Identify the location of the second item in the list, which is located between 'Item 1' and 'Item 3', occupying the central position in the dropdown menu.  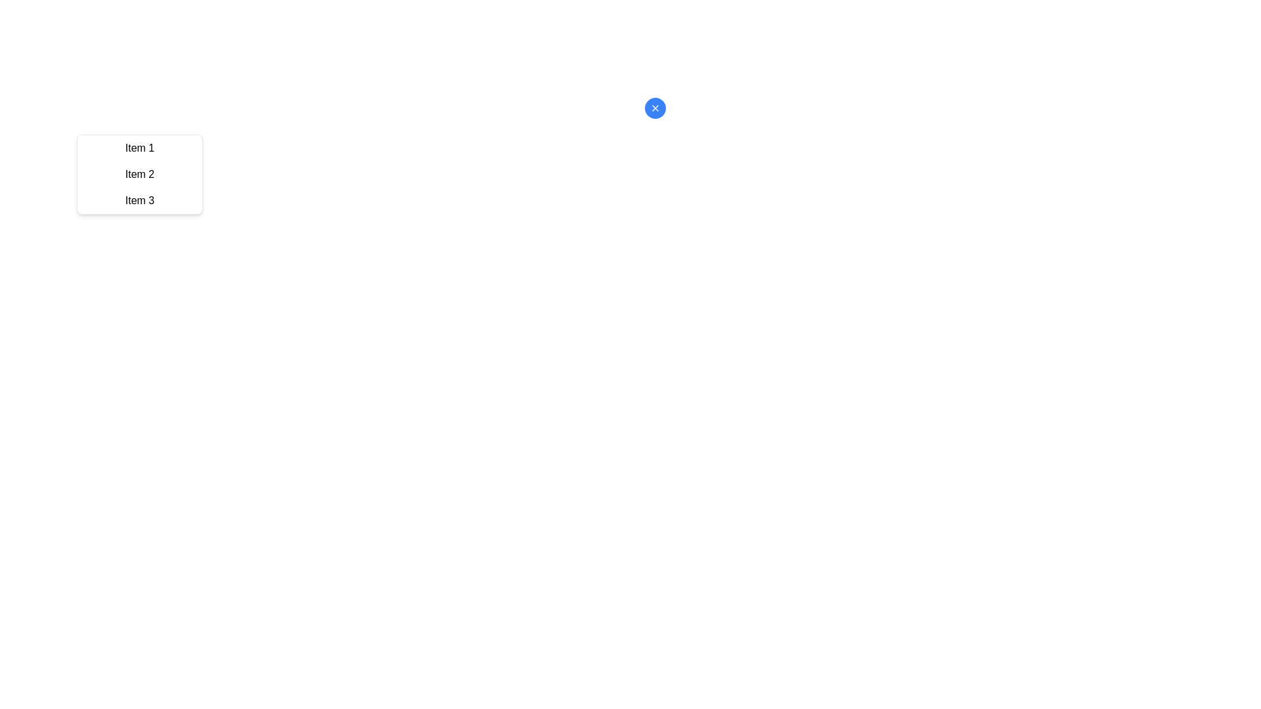
(139, 174).